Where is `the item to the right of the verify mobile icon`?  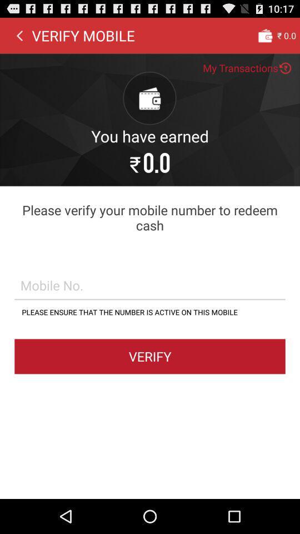
the item to the right of the verify mobile icon is located at coordinates (264, 35).